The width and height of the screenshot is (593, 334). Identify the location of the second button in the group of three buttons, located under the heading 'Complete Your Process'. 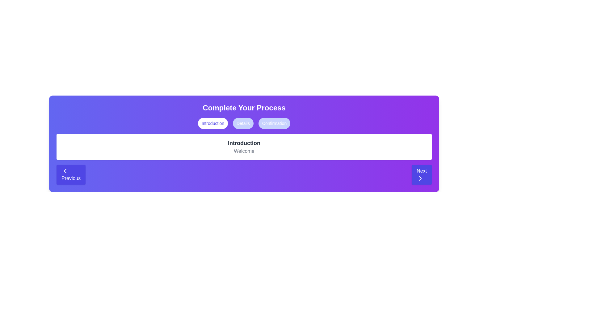
(243, 123).